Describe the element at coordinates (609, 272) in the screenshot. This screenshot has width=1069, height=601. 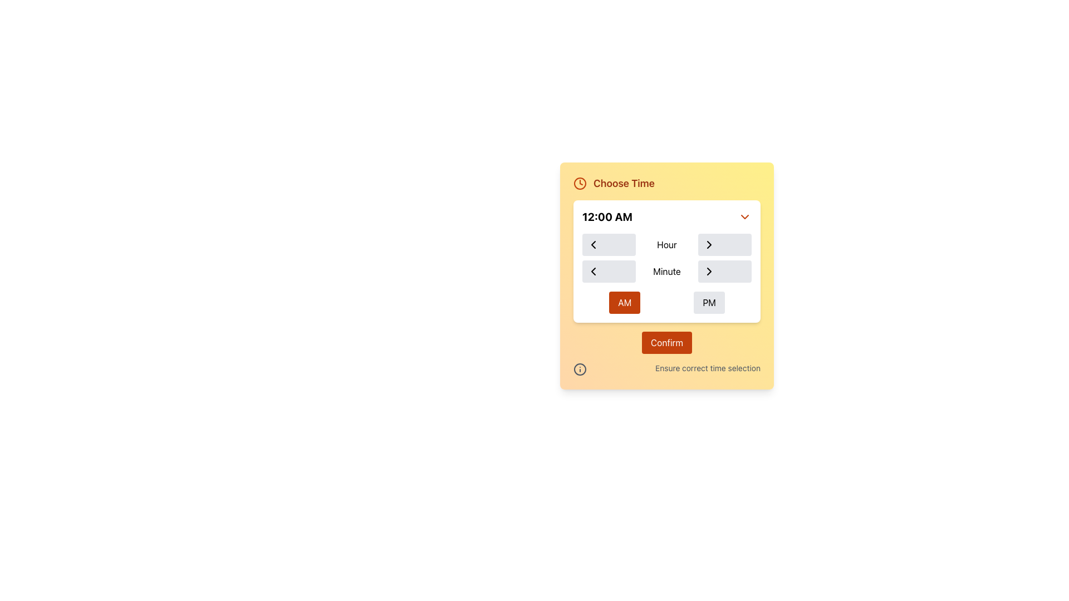
I see `the button located in the first column of the second row in a three-column grid layout` at that location.